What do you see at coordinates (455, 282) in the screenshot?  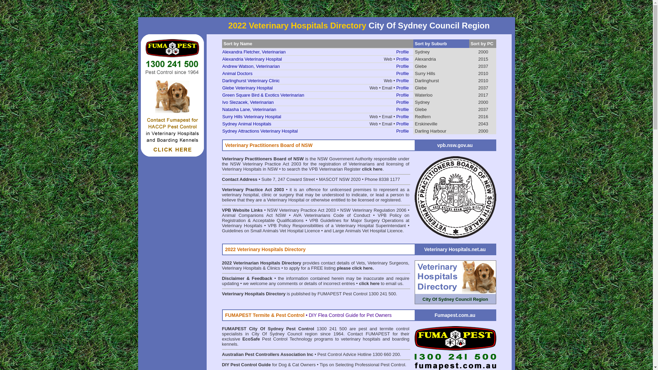 I see `'City Of Sydney Council Region'` at bounding box center [455, 282].